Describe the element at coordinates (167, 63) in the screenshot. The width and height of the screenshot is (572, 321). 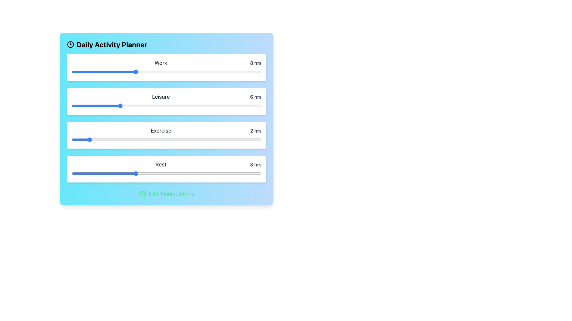
I see `the static text label that indicates 'Work' and the assigned value '8 hrs', positioned above the 'Leisure' section in the Daily Activity Planner` at that location.